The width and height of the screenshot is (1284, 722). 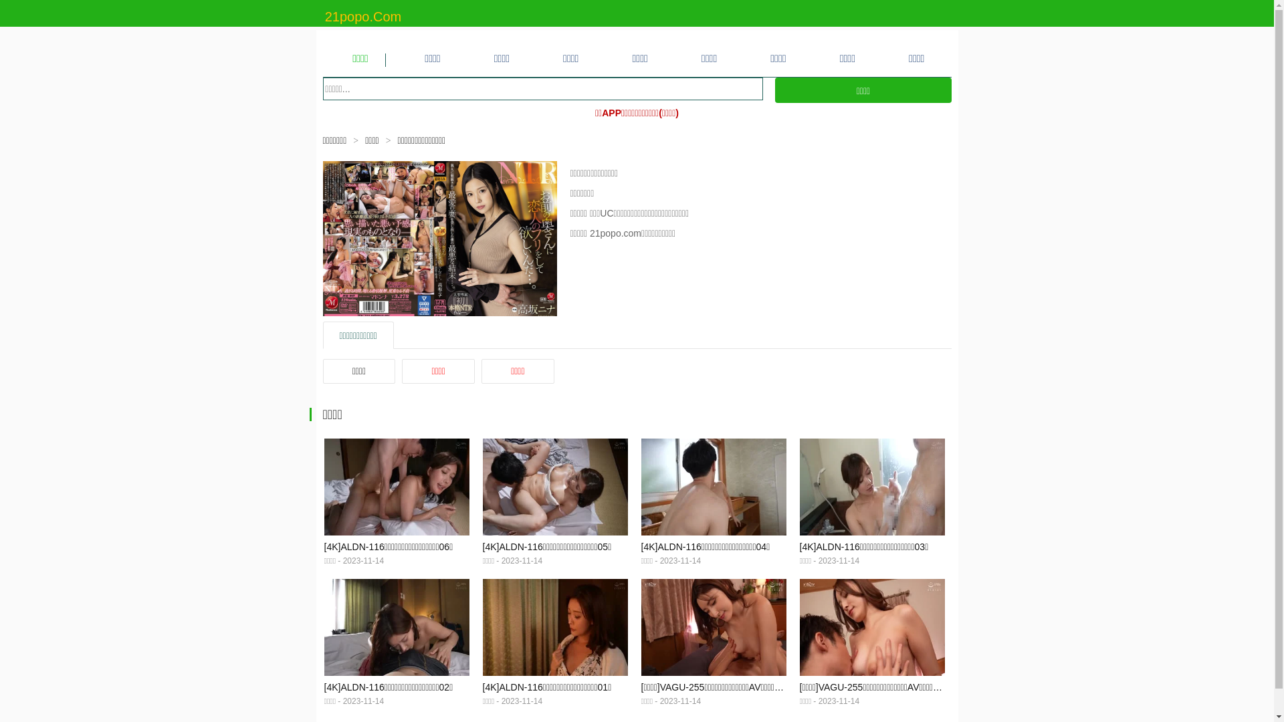 I want to click on '21popo.Com', so click(x=363, y=16).